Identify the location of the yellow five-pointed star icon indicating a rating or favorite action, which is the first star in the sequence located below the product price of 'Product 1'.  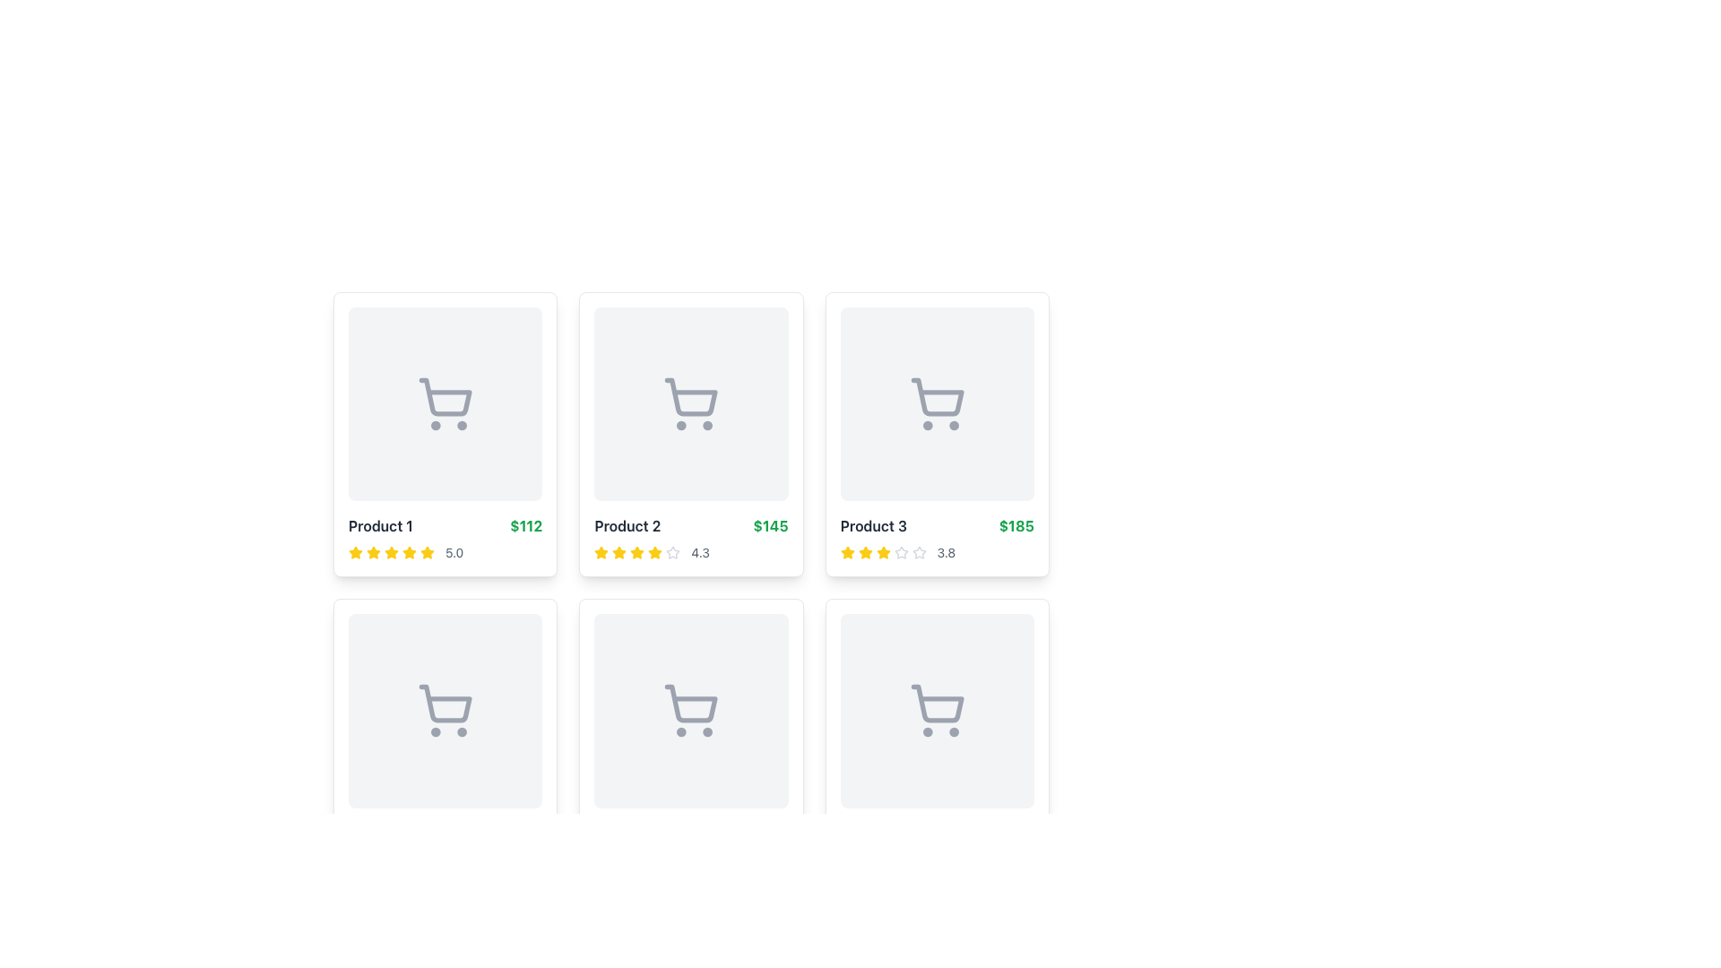
(373, 552).